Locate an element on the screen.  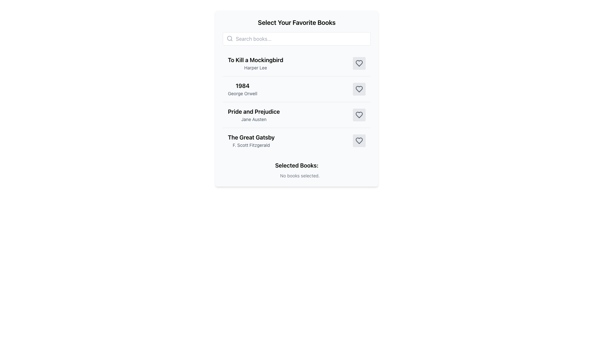
the favorite button with a heart icon associated with the book '1984' by George Orwell is located at coordinates (359, 89).